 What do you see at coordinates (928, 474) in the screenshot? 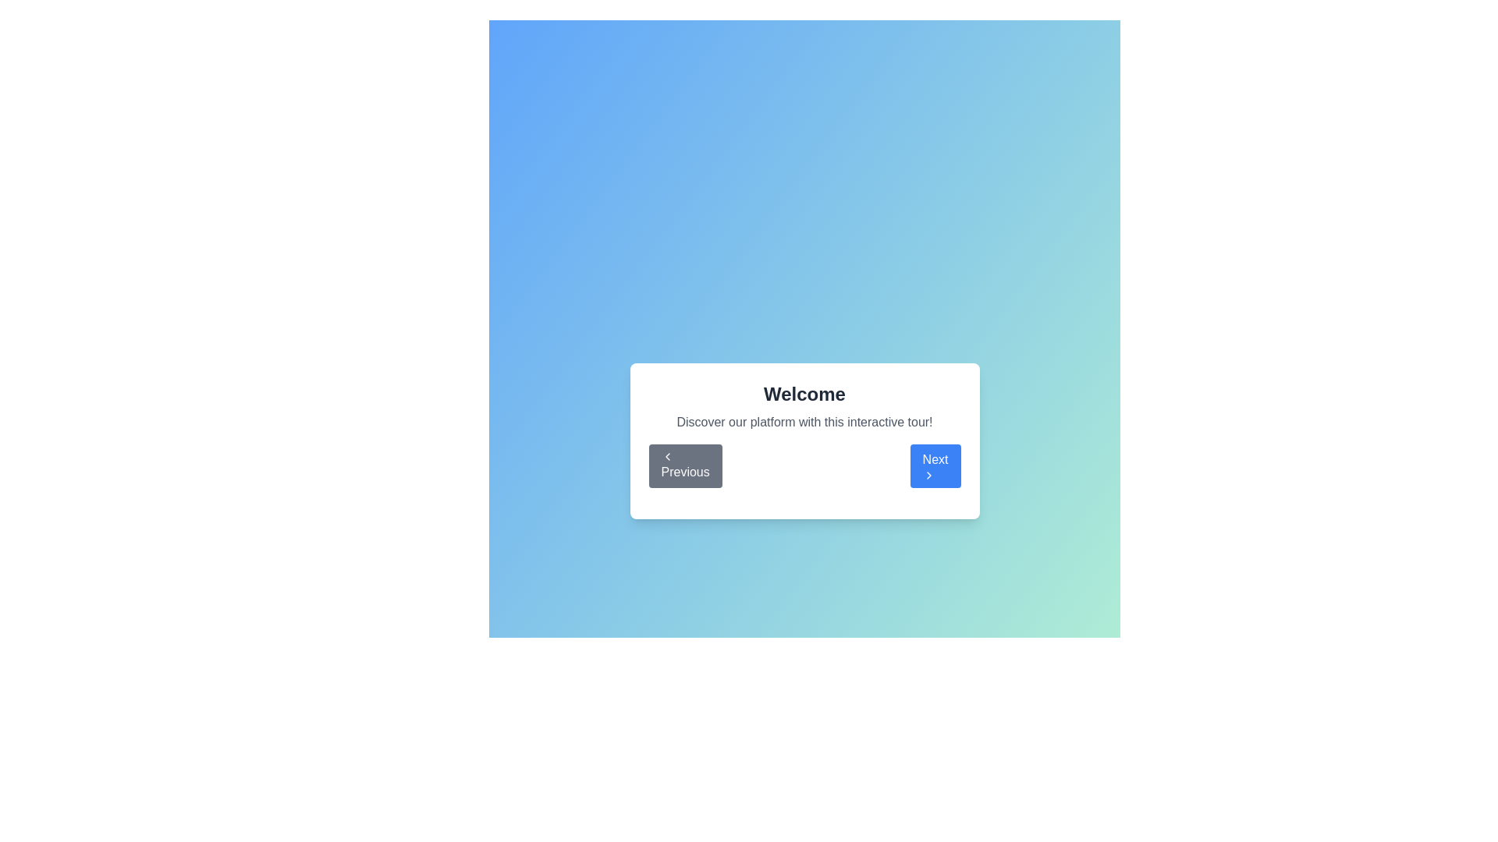
I see `the right-facing chevron icon within the 'Next' button, which is styled with a blue background and white text, located at the bottom-right of the dialog box` at bounding box center [928, 474].